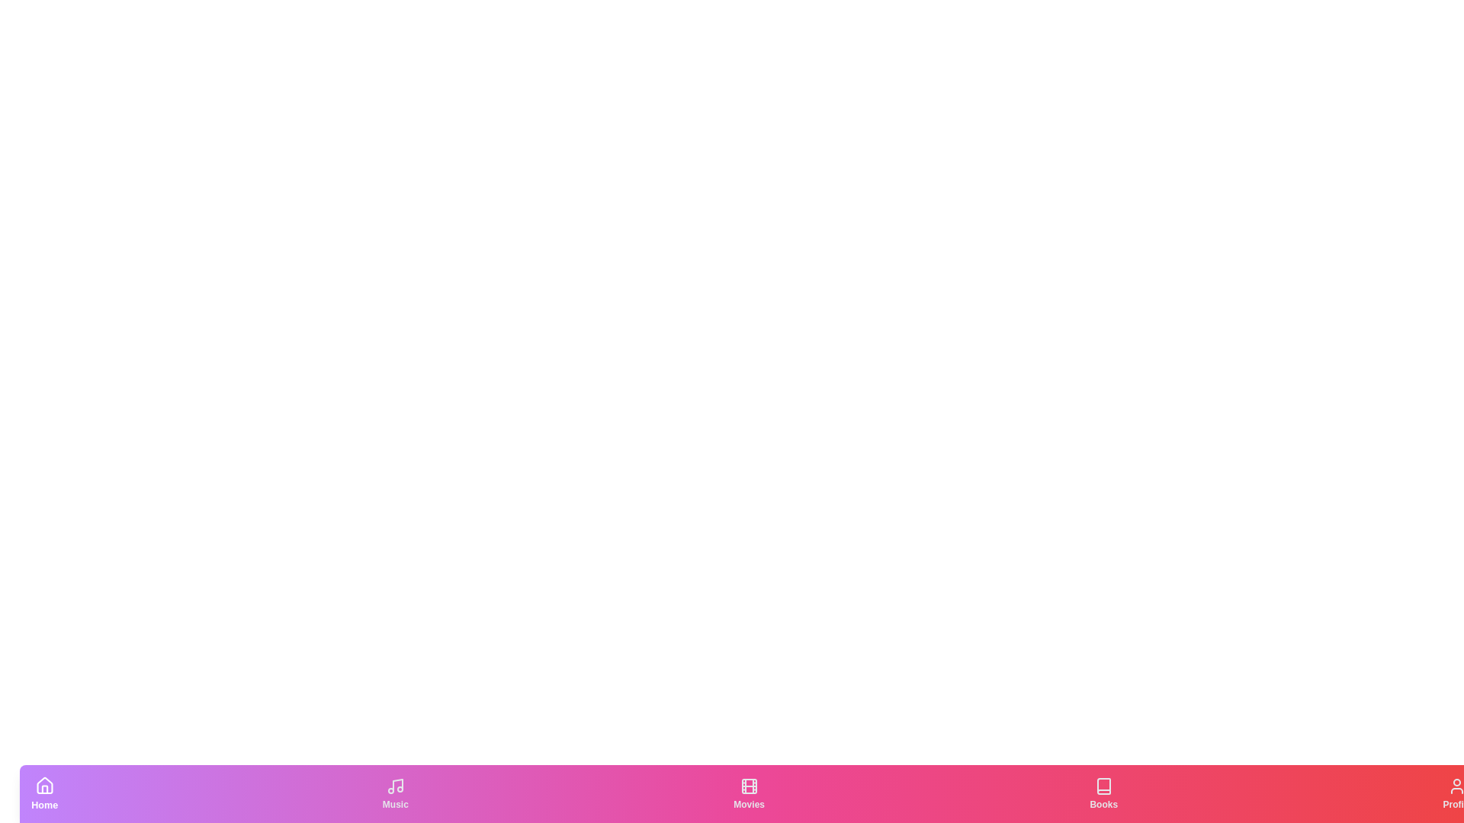 The width and height of the screenshot is (1464, 823). I want to click on the Books tab, so click(1103, 793).